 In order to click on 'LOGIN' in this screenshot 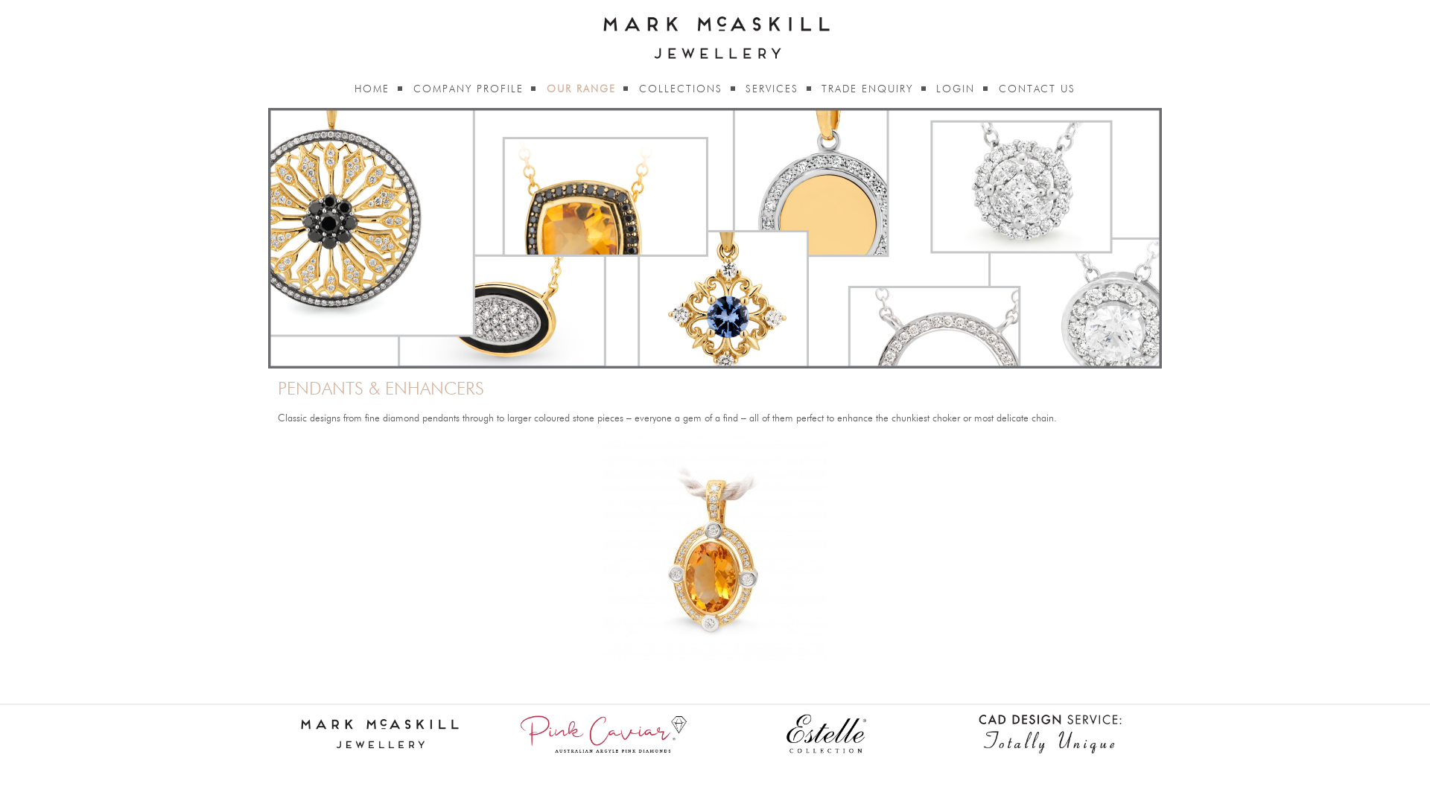, I will do `click(955, 89)`.